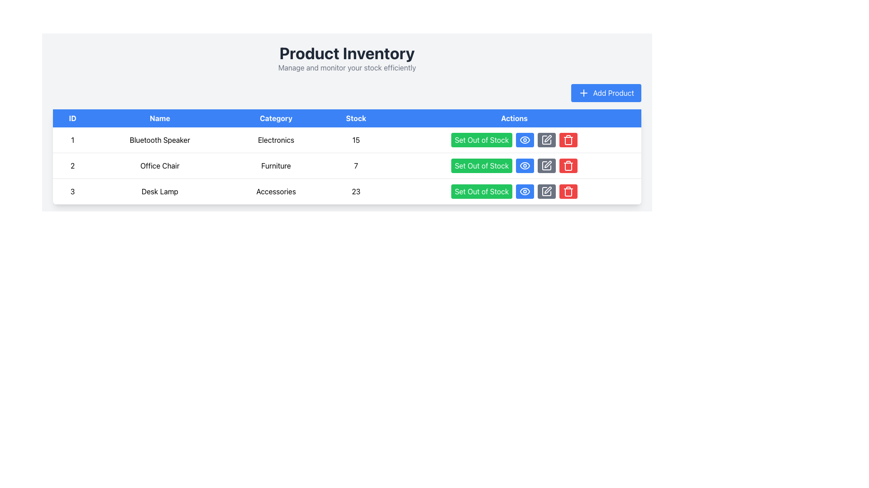 This screenshot has width=869, height=488. Describe the element at coordinates (546, 140) in the screenshot. I see `the edit icon in the Actions column of the table, specifically the second icon from the left, to initiate an edit action for the 'Office Chair' item` at that location.